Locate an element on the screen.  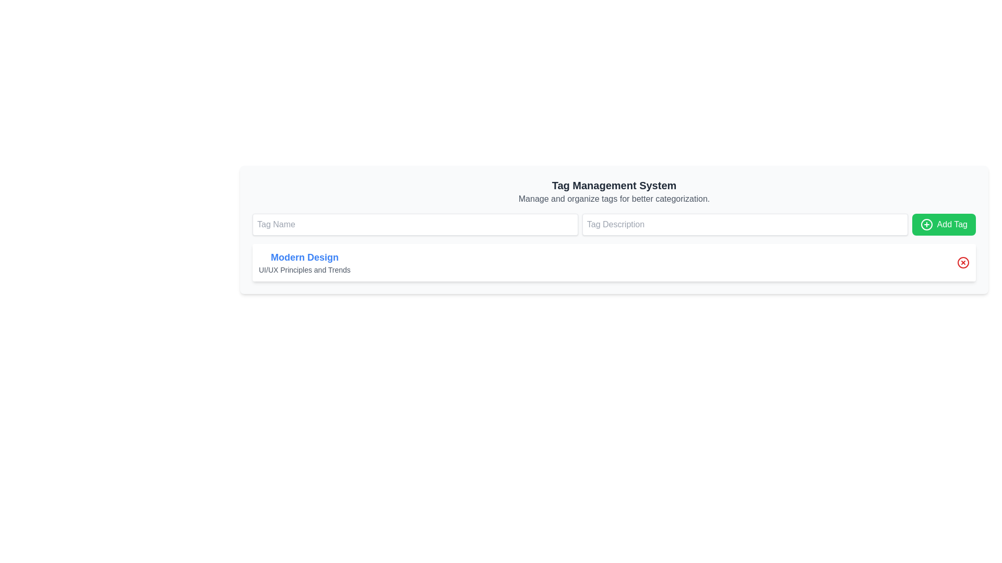
the label containing the text 'Manage and organize tags for better categorization.' which is located below the title 'Tag Management System' is located at coordinates (614, 199).